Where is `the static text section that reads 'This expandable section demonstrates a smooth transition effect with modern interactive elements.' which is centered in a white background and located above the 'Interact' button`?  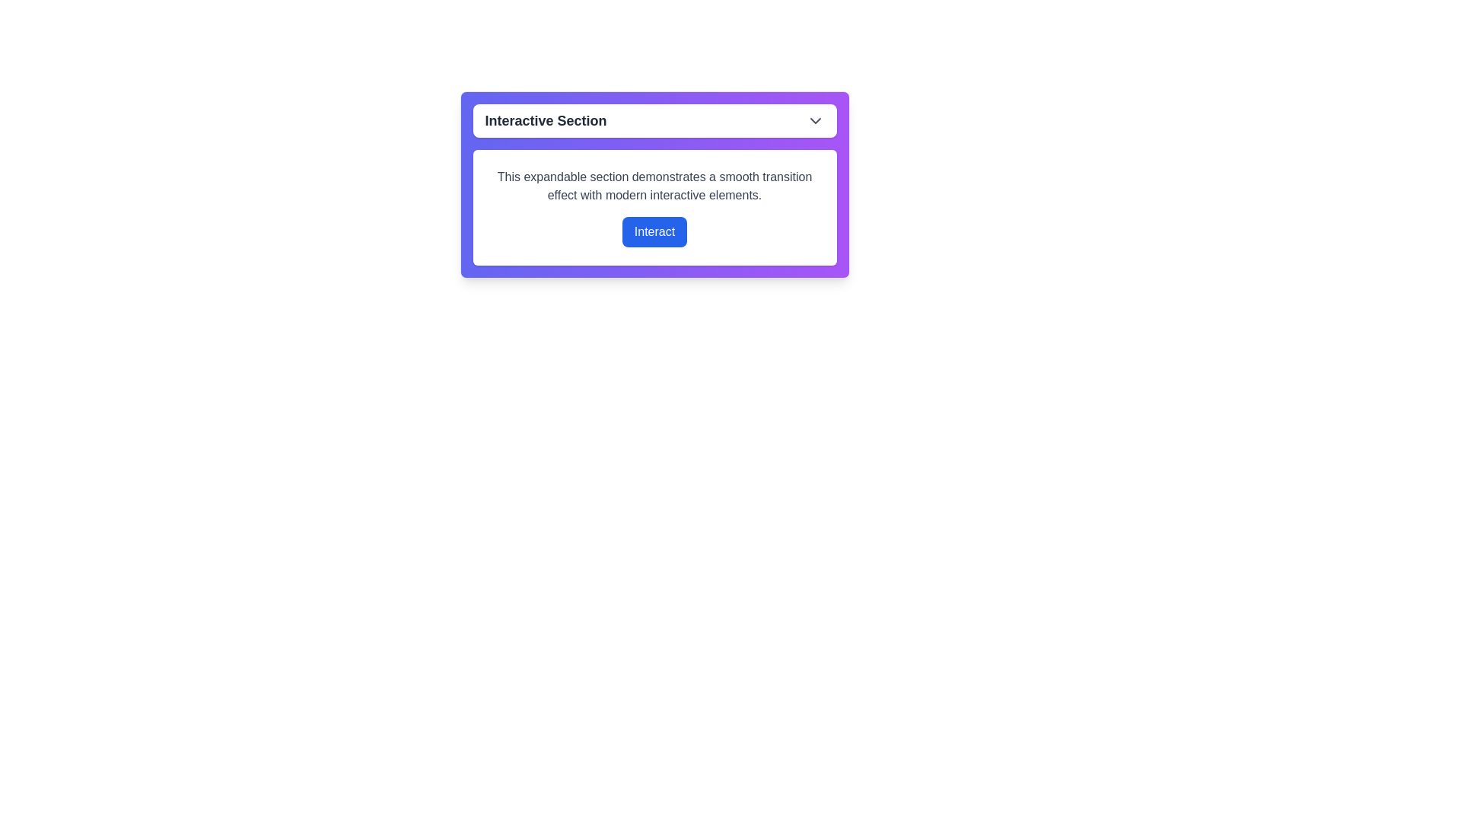
the static text section that reads 'This expandable section demonstrates a smooth transition effect with modern interactive elements.' which is centered in a white background and located above the 'Interact' button is located at coordinates (654, 186).